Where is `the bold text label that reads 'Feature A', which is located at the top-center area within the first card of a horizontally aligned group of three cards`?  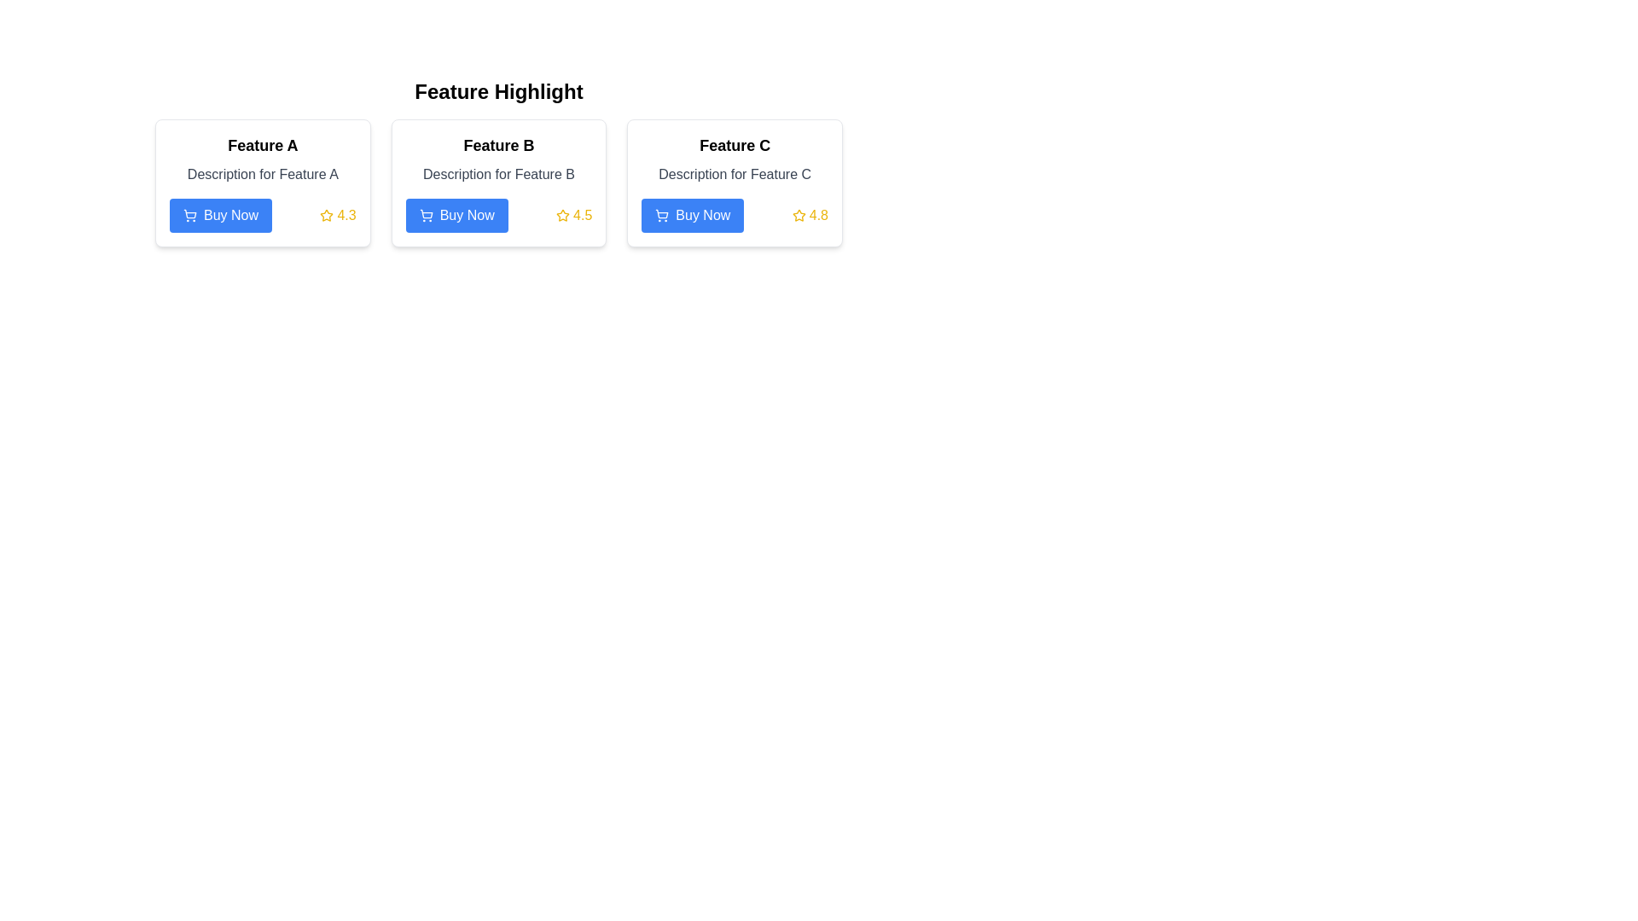 the bold text label that reads 'Feature A', which is located at the top-center area within the first card of a horizontally aligned group of three cards is located at coordinates (262, 144).